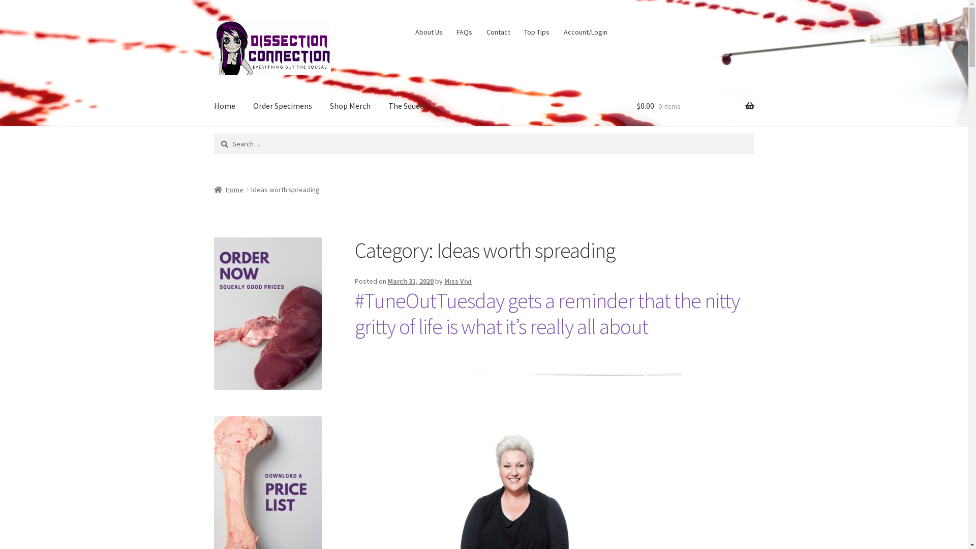  I want to click on 'Contact', so click(498, 31).